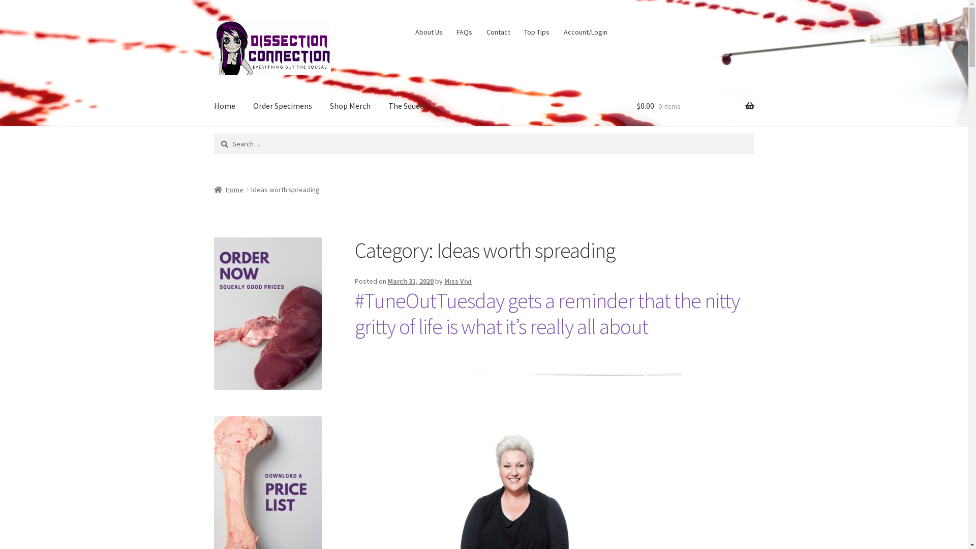  I want to click on 'Contact', so click(498, 31).